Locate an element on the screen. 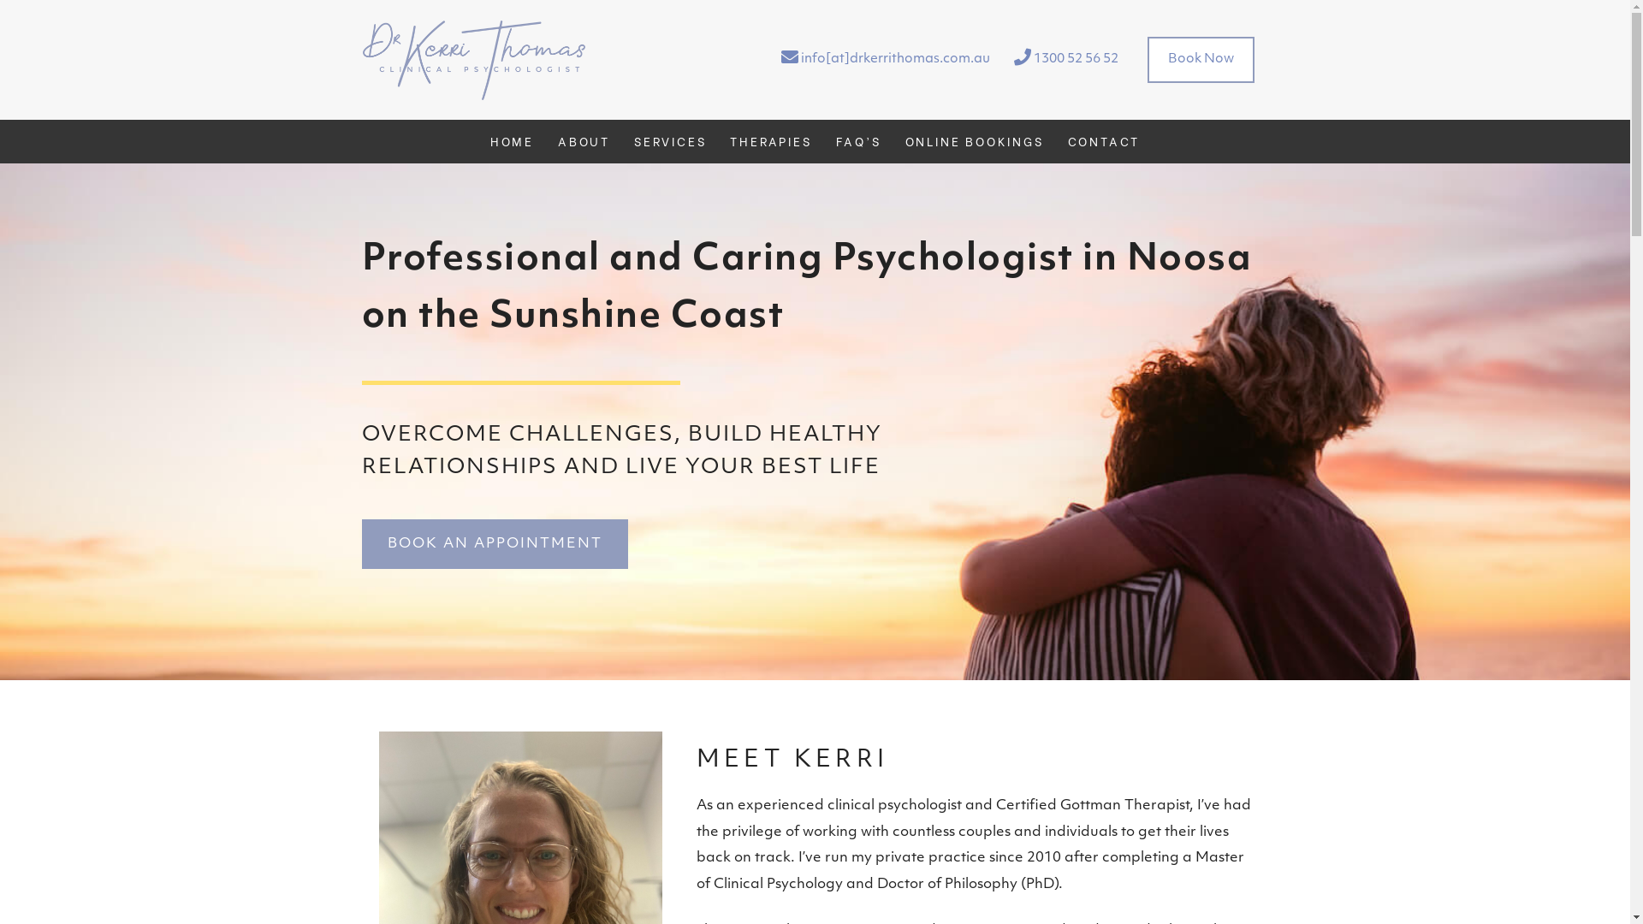 This screenshot has width=1643, height=924. 'ABOUT' is located at coordinates (584, 140).